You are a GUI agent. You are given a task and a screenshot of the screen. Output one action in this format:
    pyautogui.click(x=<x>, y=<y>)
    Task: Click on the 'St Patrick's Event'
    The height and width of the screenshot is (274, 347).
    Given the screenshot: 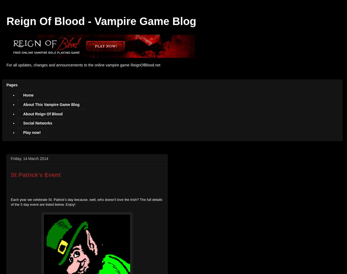 What is the action you would take?
    pyautogui.click(x=36, y=174)
    